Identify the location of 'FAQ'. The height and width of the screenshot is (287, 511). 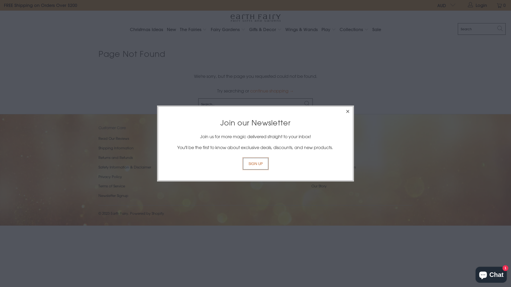
(315, 157).